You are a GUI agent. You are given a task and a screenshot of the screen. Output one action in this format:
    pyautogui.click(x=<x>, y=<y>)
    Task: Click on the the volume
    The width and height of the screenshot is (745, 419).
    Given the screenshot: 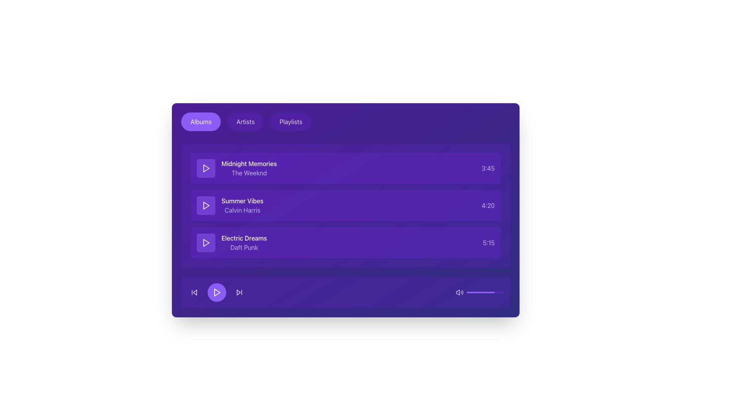 What is the action you would take?
    pyautogui.click(x=500, y=292)
    